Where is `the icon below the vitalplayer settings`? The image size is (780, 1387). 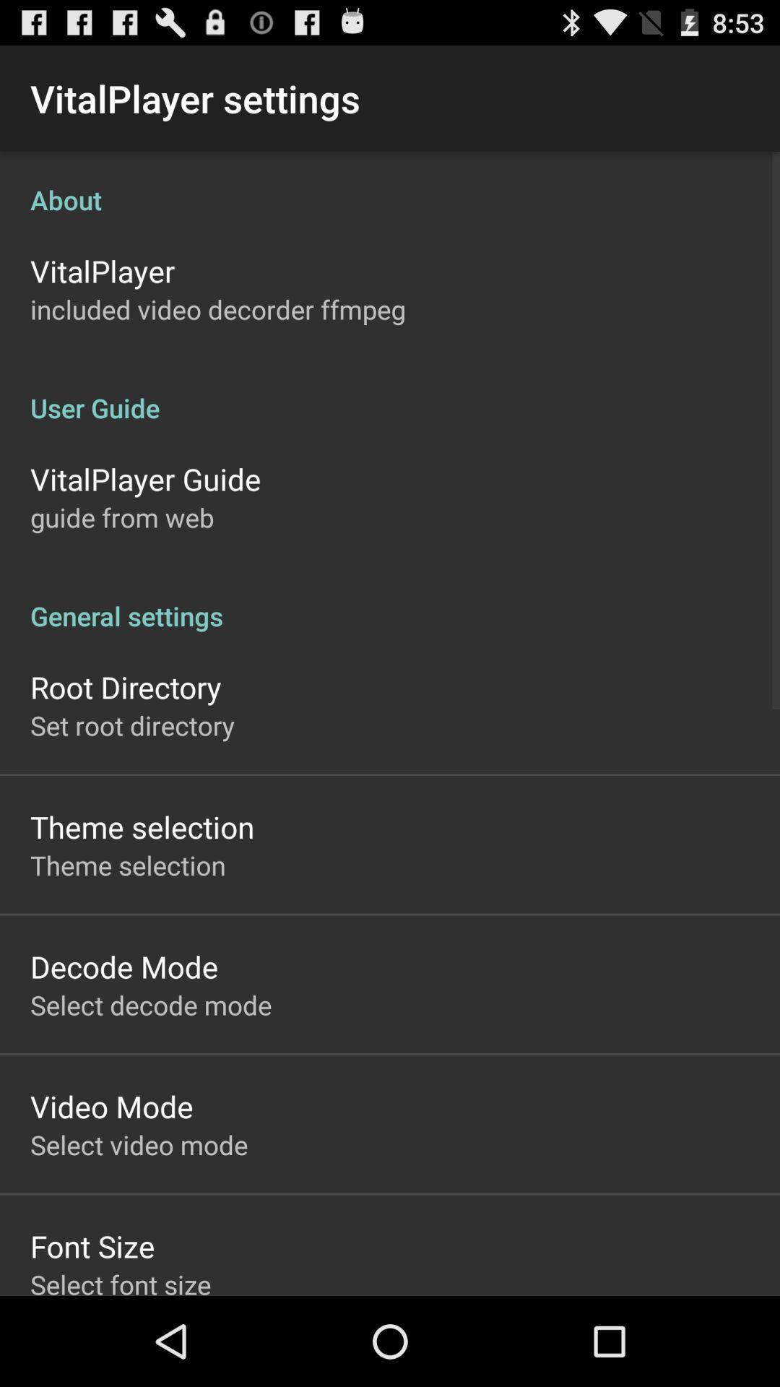
the icon below the vitalplayer settings is located at coordinates (390, 183).